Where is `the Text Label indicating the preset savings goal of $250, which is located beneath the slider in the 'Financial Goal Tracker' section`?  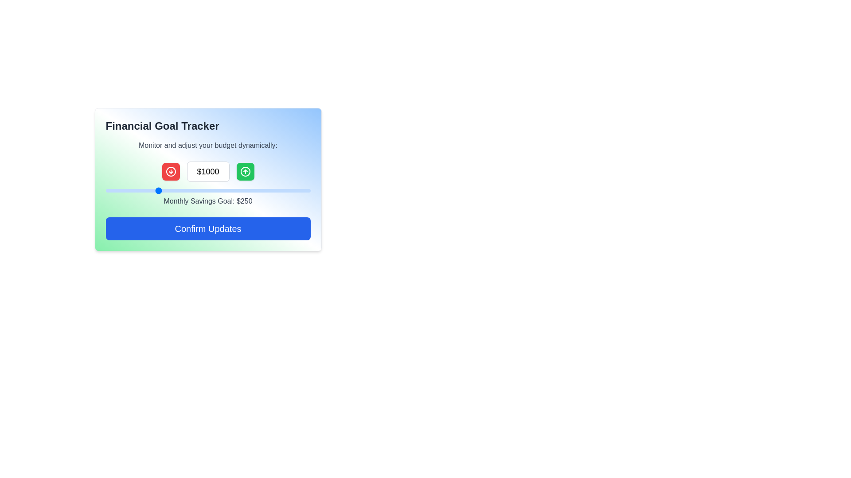
the Text Label indicating the preset savings goal of $250, which is located beneath the slider in the 'Financial Goal Tracker' section is located at coordinates (207, 184).